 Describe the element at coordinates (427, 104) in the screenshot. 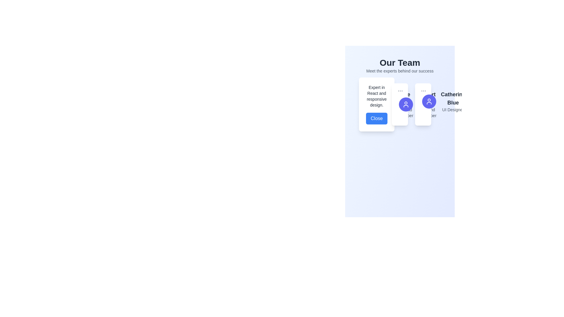

I see `information contained in the text label displaying 'Robert Brown,' a Backend Developer, located on the right section of the interface, as the second profile description in the group` at that location.